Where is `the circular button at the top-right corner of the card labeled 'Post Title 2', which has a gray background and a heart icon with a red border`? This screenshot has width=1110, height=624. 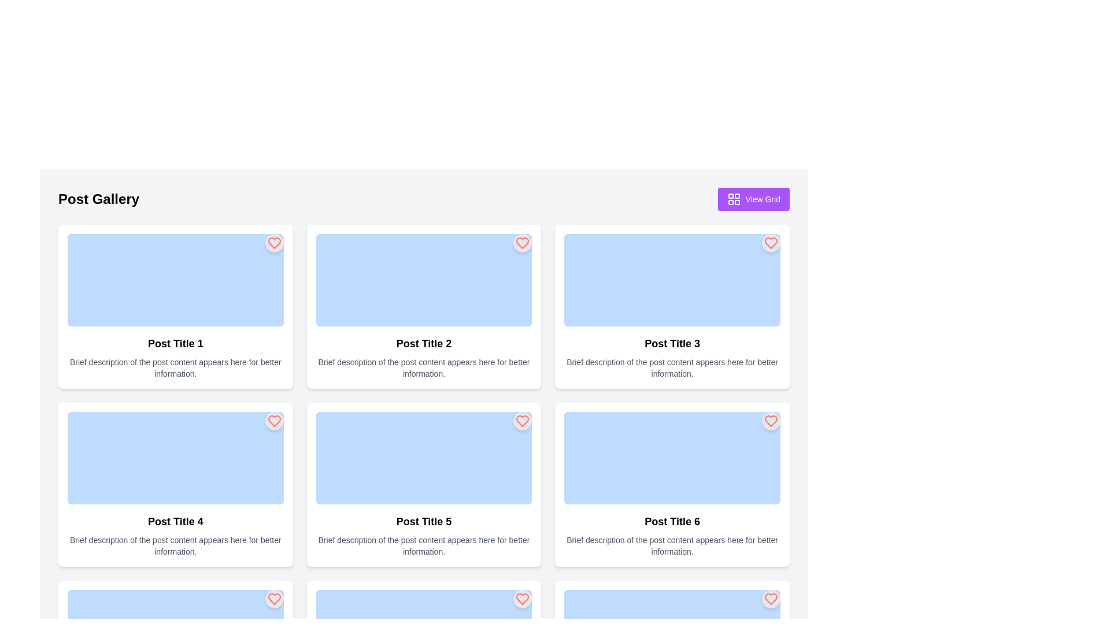
the circular button at the top-right corner of the card labeled 'Post Title 2', which has a gray background and a heart icon with a red border is located at coordinates (522, 242).